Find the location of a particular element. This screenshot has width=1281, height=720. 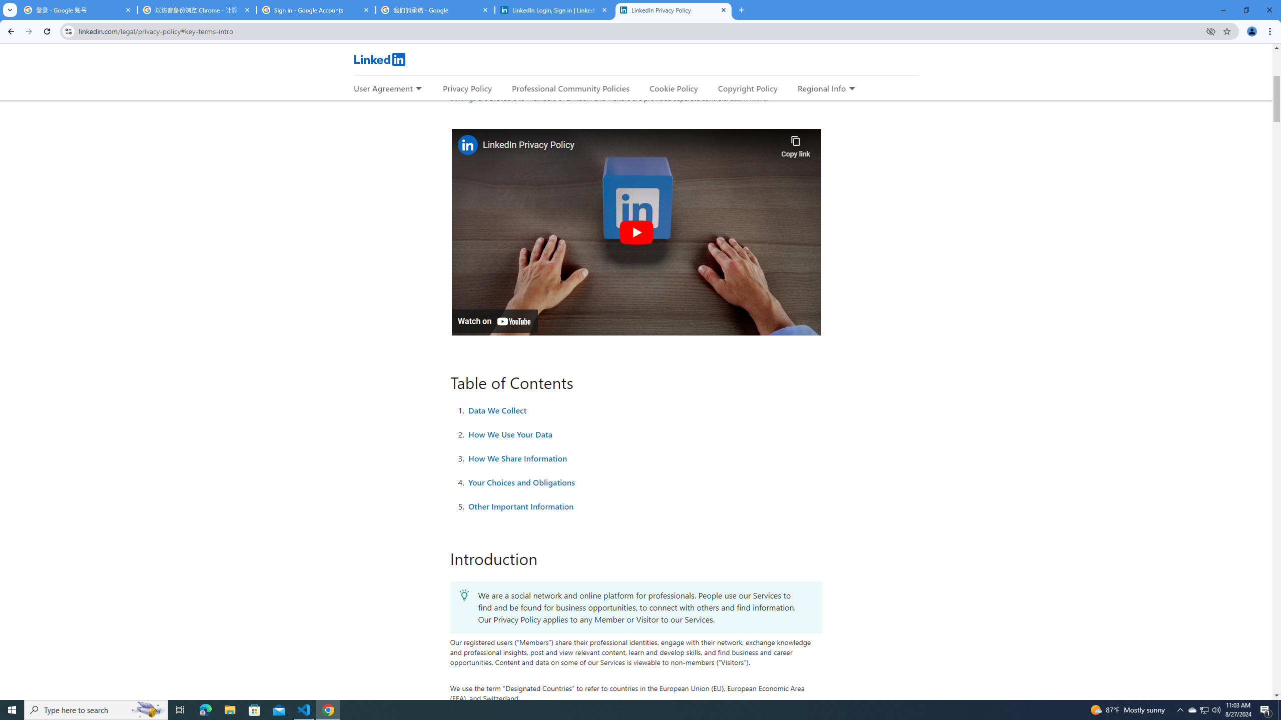

'Expand to show more links for User Agreement' is located at coordinates (418, 88).